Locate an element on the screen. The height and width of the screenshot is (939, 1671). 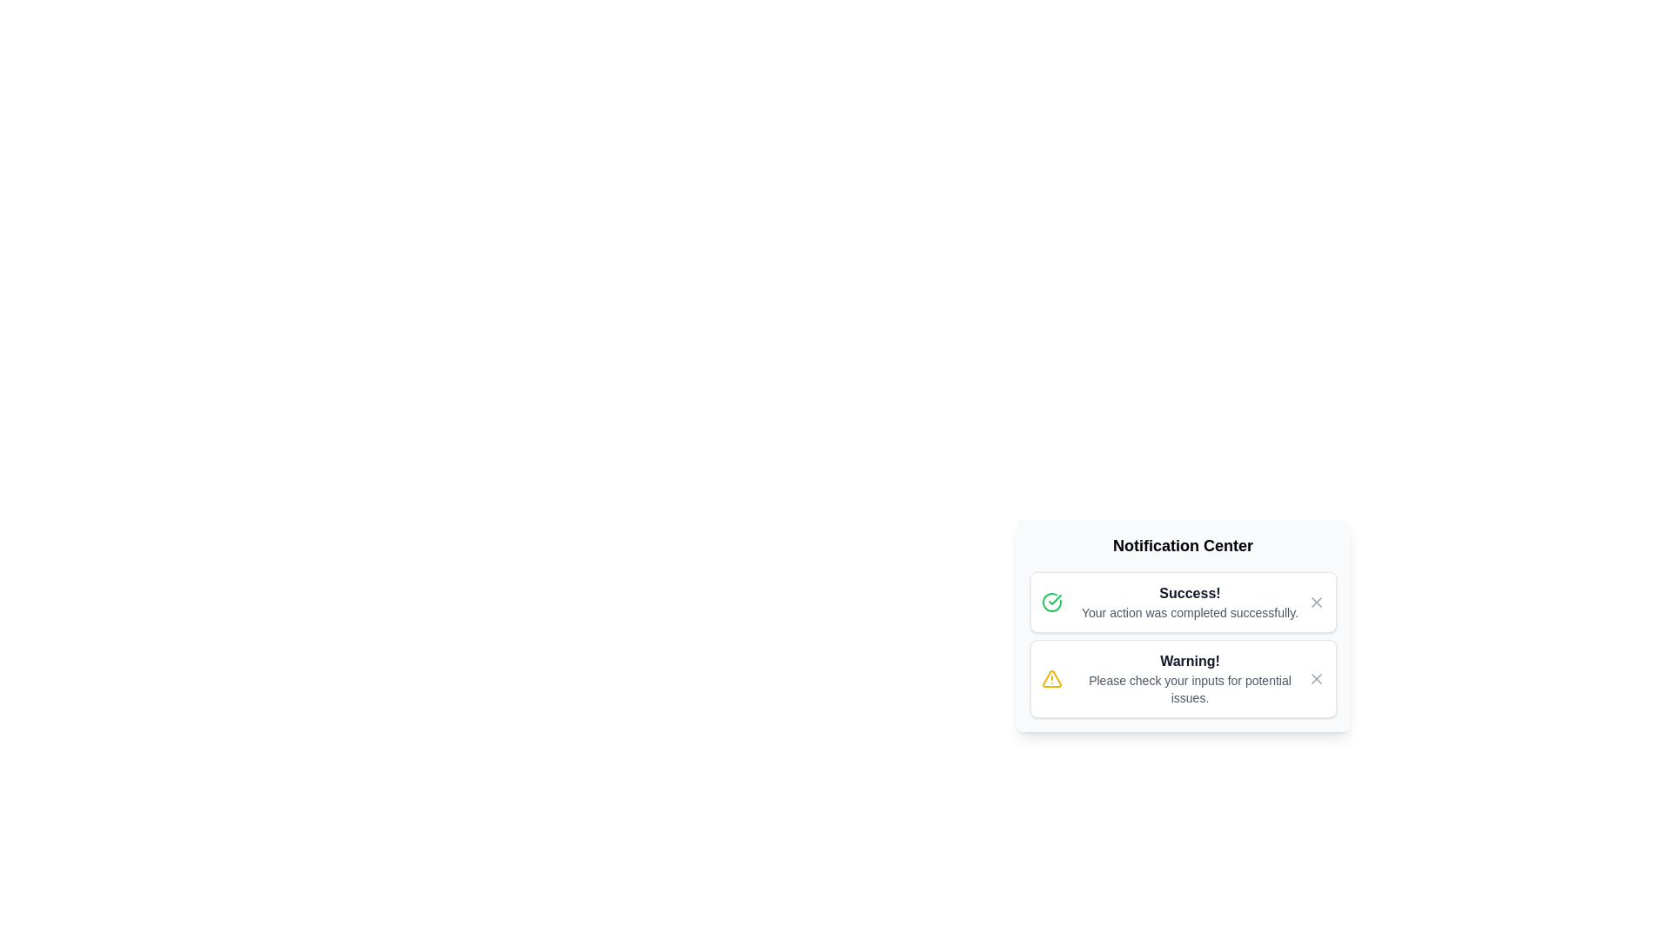
the notification titled 'Success!' is located at coordinates (1183, 602).